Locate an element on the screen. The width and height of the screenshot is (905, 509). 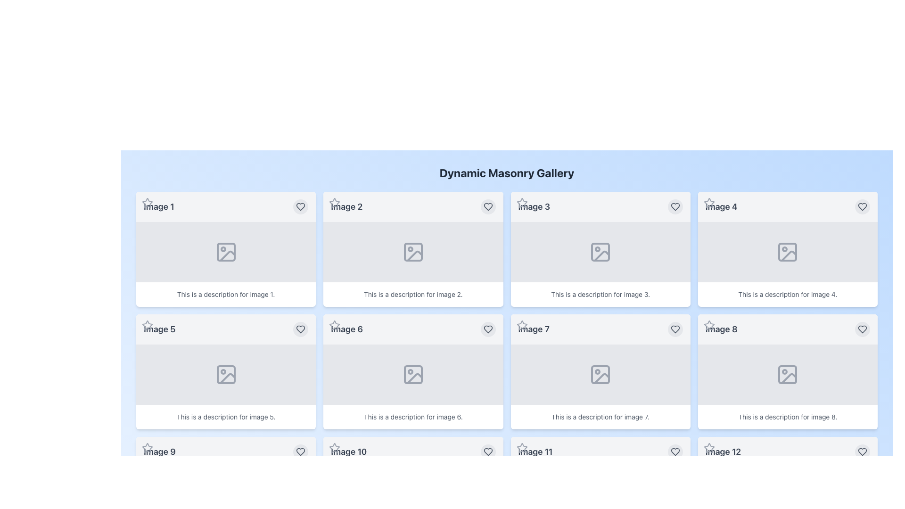
the image placeholder icon located in the eighth tile of the grid under 'Dynamic Masonry Gallery', centered above the description text 'This is a description for image 8' is located at coordinates (788, 374).